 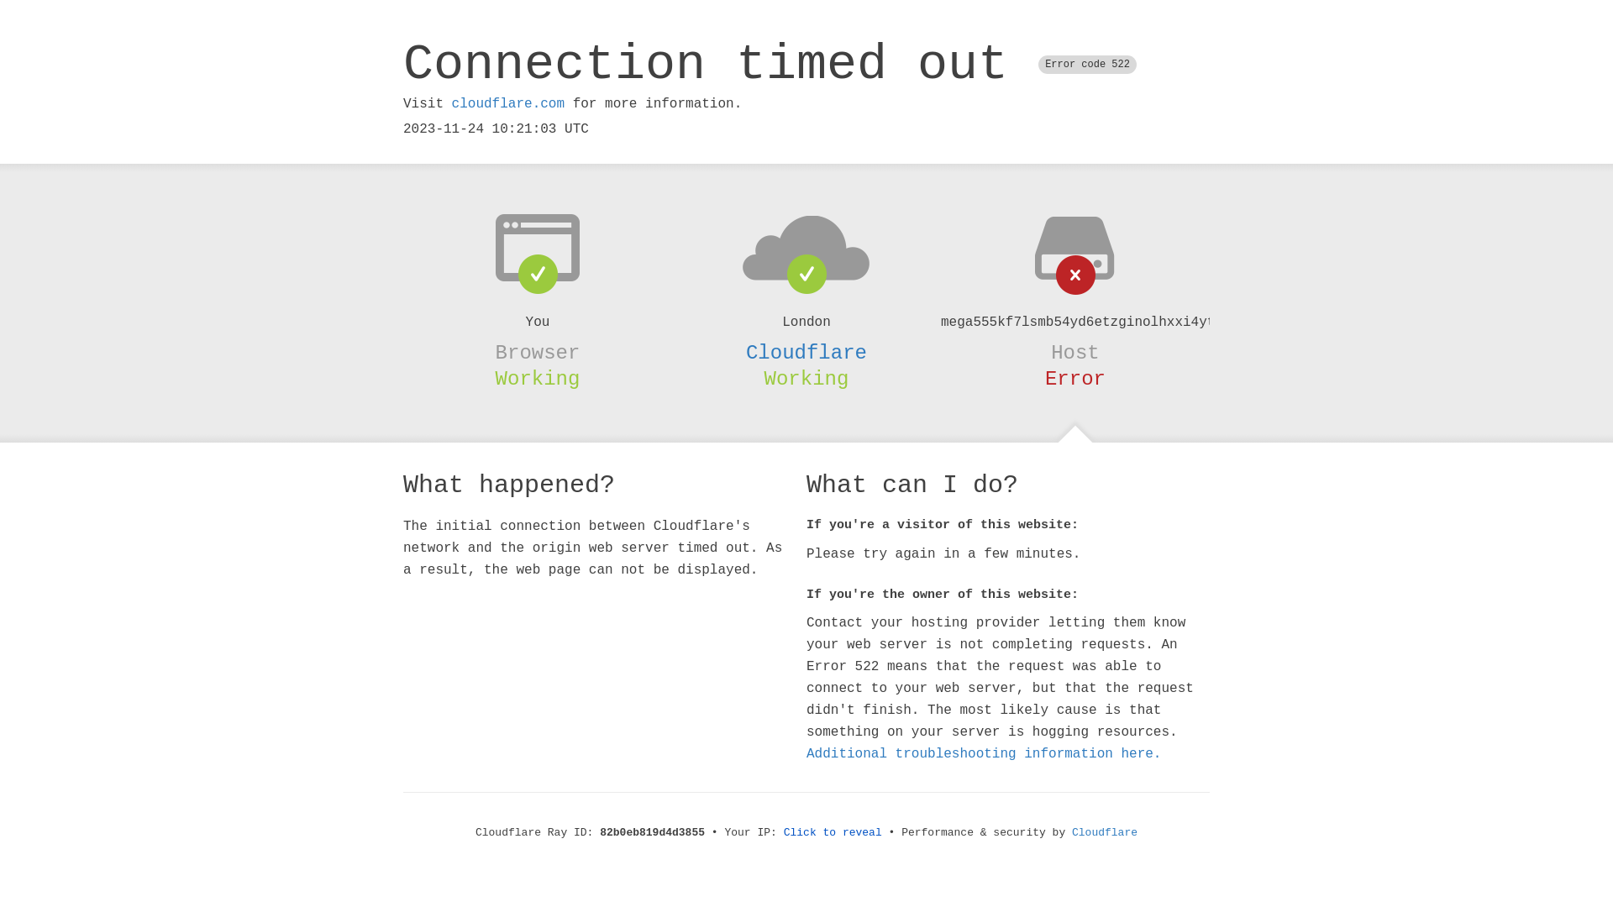 I want to click on 'Cloudflare', so click(x=1105, y=832).